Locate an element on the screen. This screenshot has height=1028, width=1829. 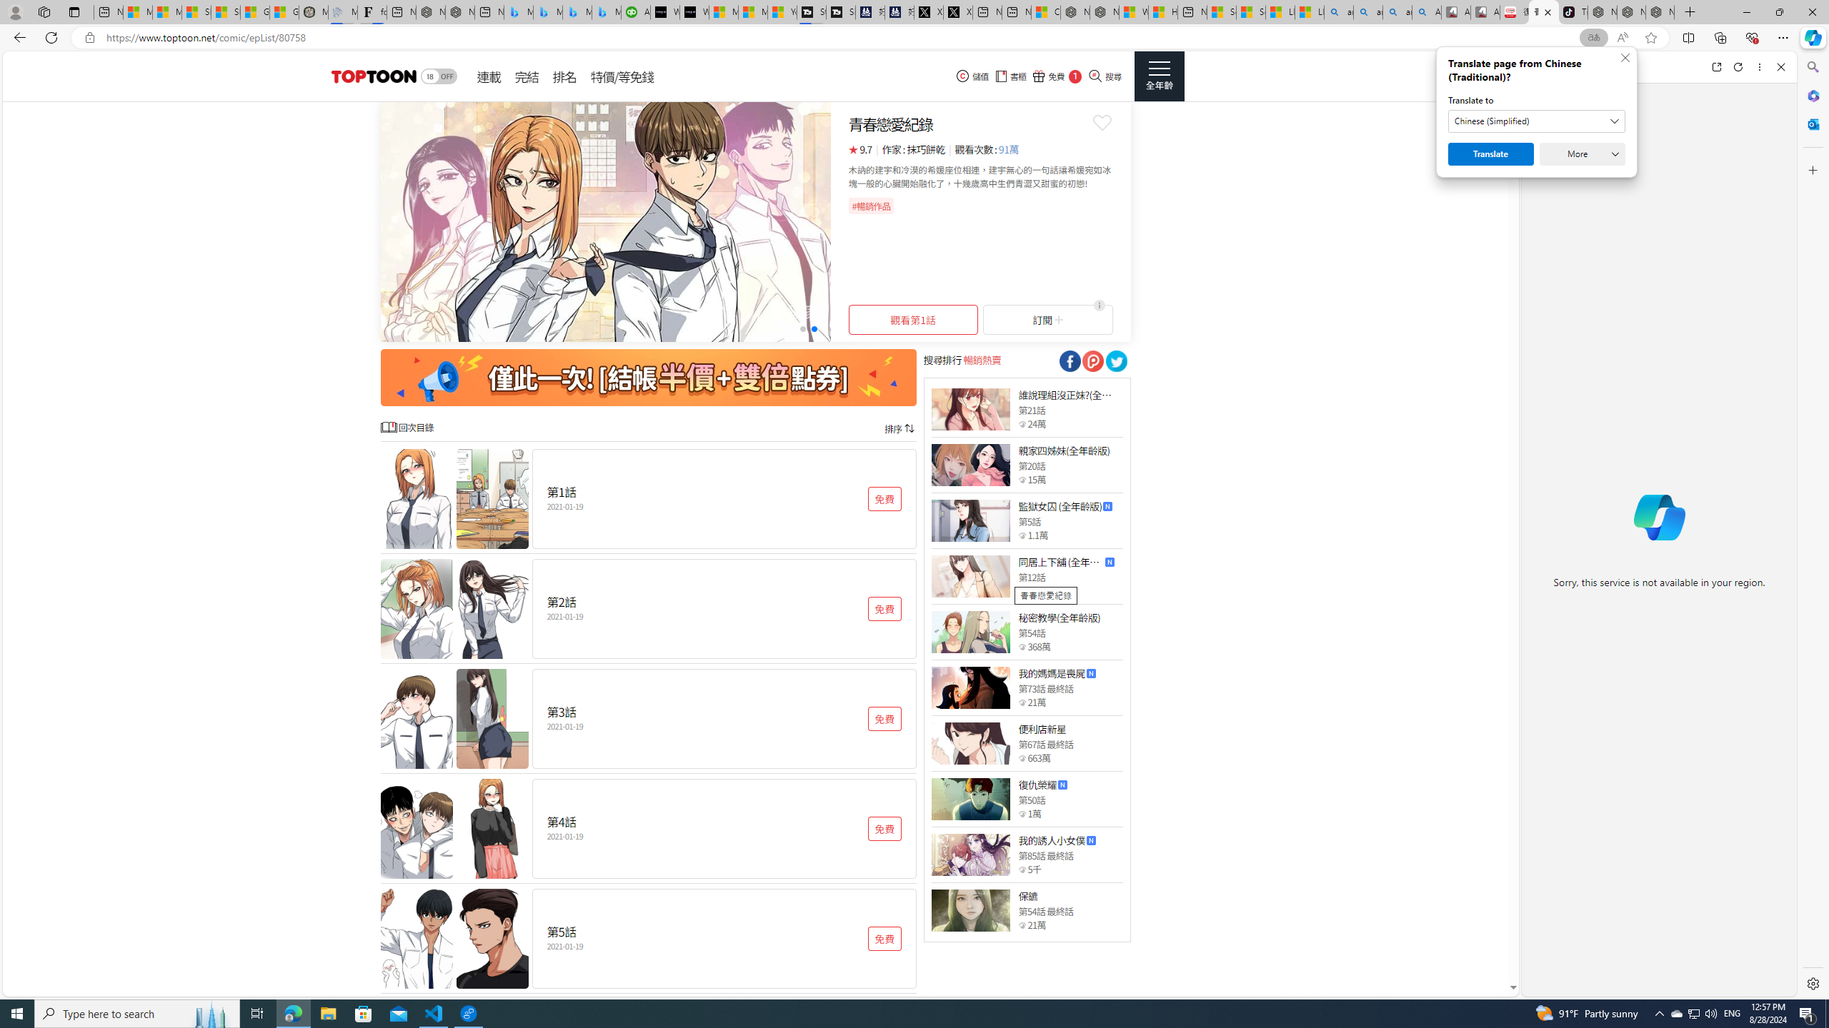
'amazon - Search Images' is located at coordinates (1396, 11).